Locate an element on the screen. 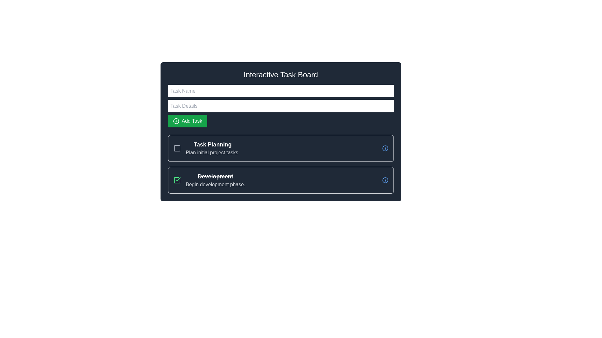 The image size is (602, 338). the circular interactive button located at the right edge of the 'Task Planning' box is located at coordinates (385, 148).